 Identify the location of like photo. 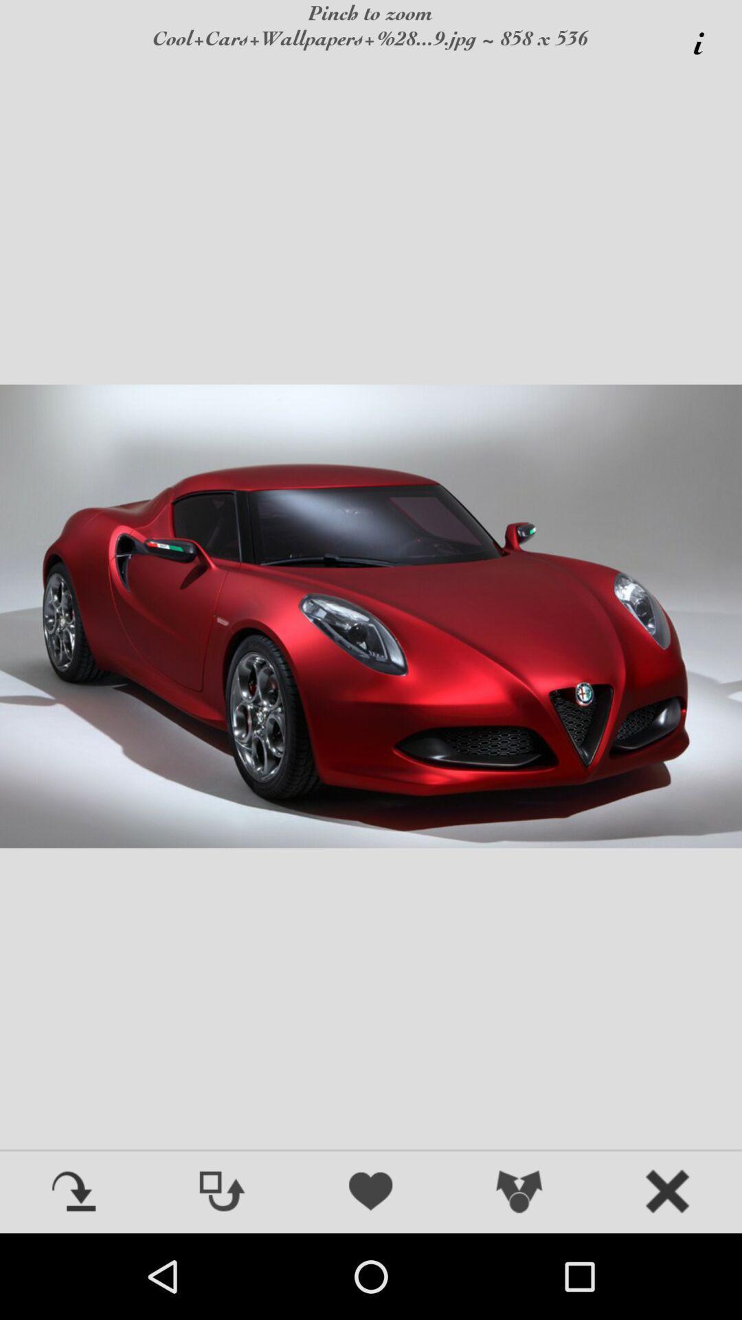
(371, 1192).